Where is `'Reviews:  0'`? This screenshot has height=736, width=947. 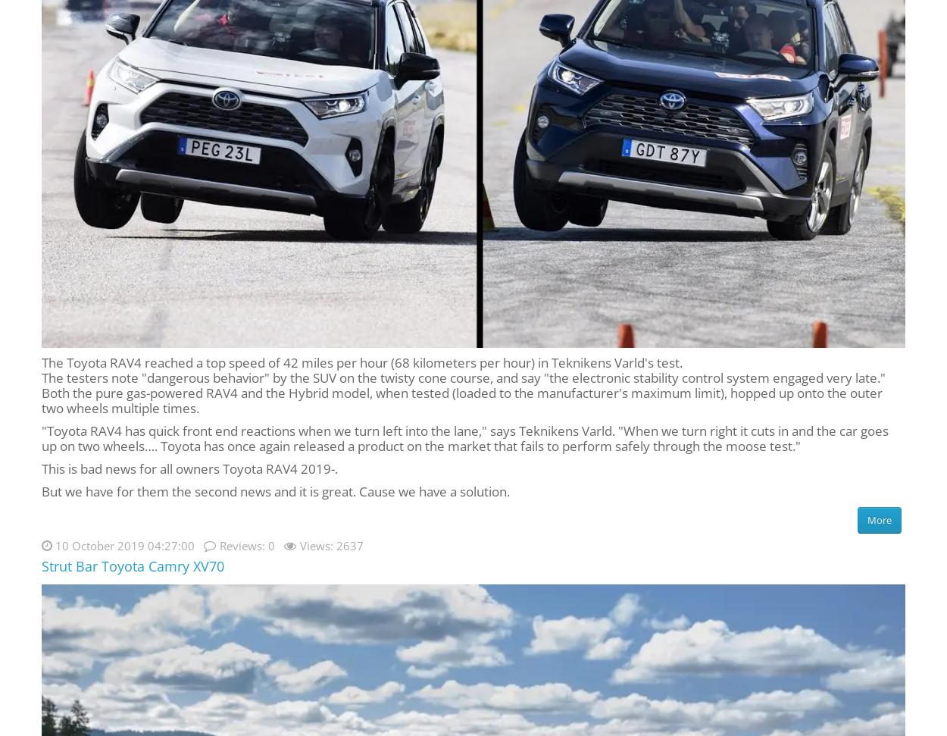
'Reviews:  0' is located at coordinates (246, 544).